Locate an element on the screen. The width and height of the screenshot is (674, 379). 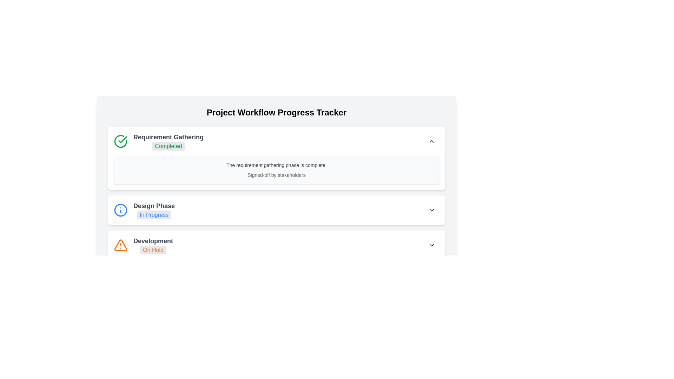
the chevron-down SVG icon located inside the rounded button of the 'Design Phase' section is located at coordinates (431, 210).